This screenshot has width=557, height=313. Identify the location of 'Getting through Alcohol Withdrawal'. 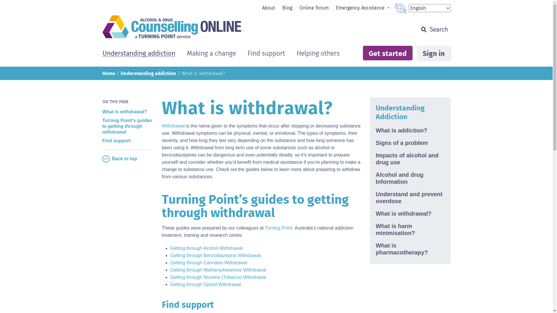
(206, 248).